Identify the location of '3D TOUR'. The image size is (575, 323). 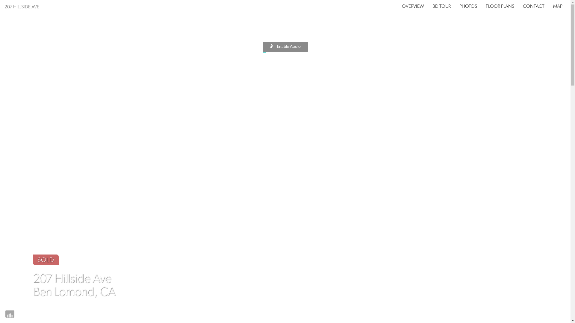
(432, 7).